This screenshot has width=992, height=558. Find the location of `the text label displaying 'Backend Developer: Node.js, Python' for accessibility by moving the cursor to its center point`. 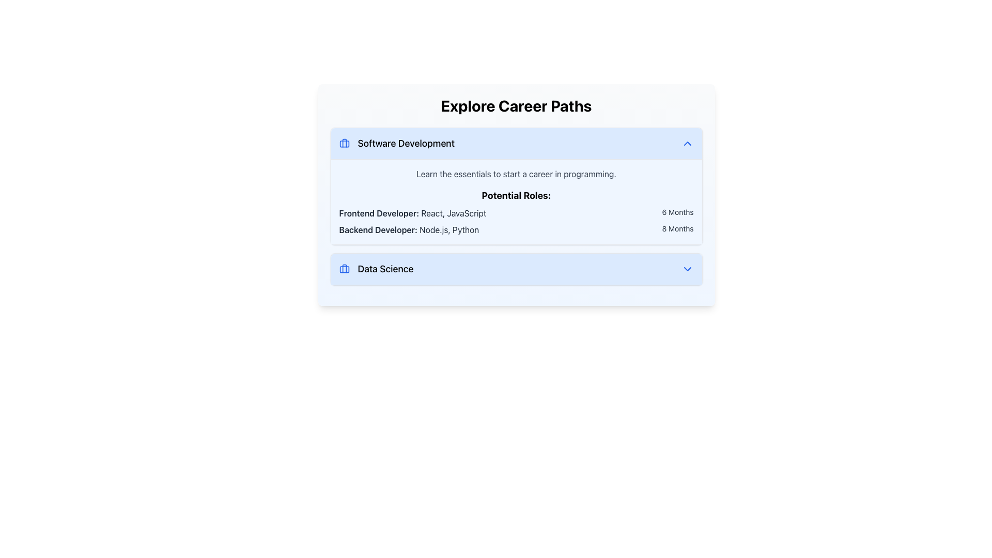

the text label displaying 'Backend Developer: Node.js, Python' for accessibility by moving the cursor to its center point is located at coordinates (408, 229).